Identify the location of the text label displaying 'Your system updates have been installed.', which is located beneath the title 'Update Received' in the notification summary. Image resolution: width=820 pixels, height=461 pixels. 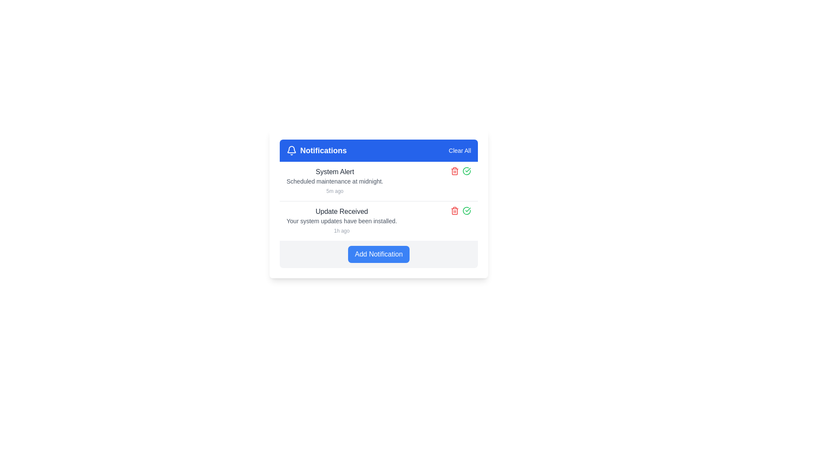
(342, 220).